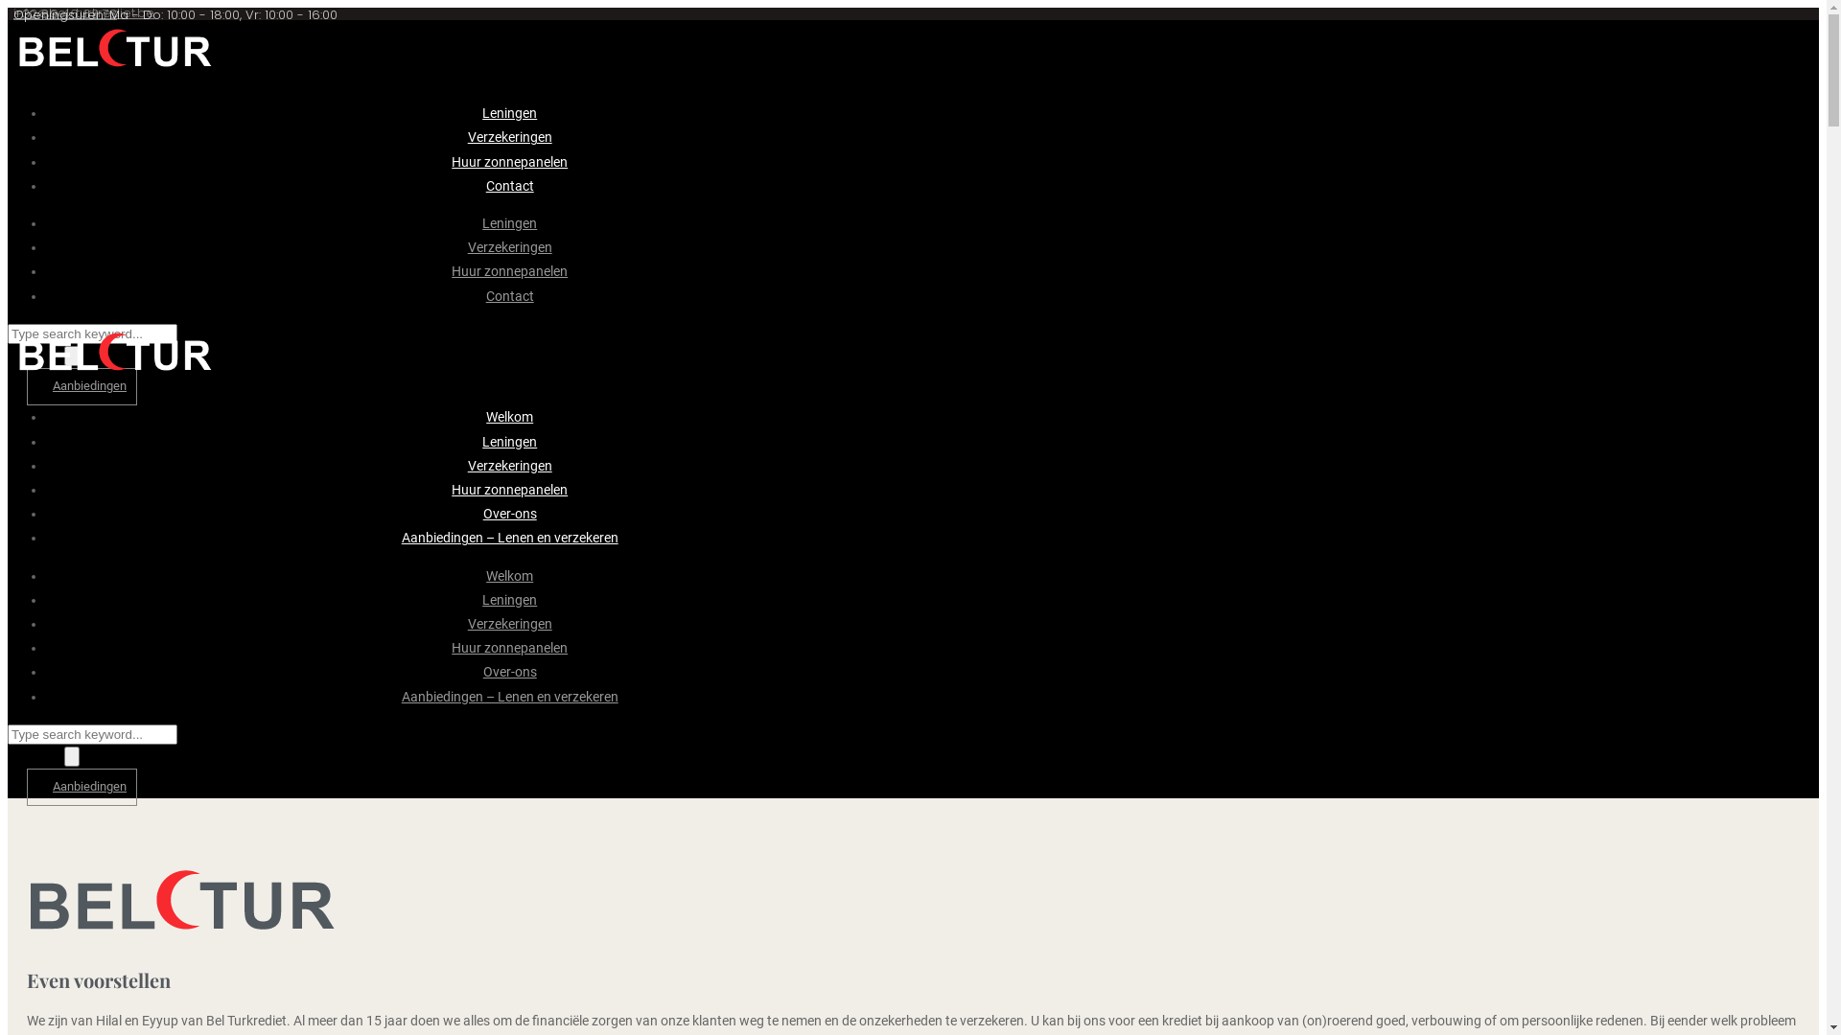 The width and height of the screenshot is (1841, 1035). I want to click on 'info@bel-turkrediet.be', so click(82, 12).